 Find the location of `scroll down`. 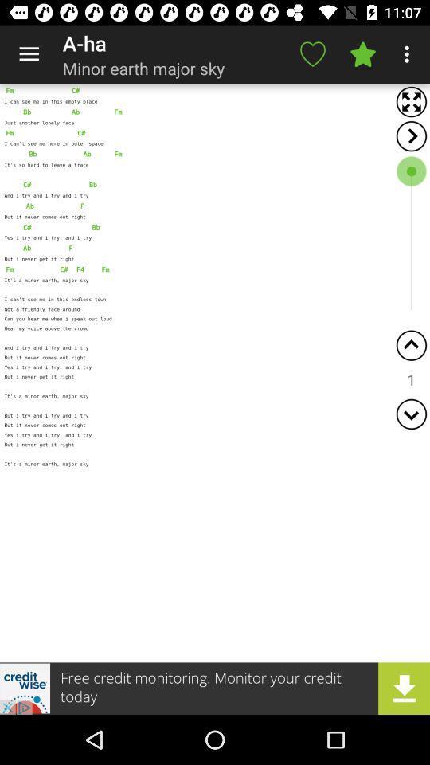

scroll down is located at coordinates (411, 413).